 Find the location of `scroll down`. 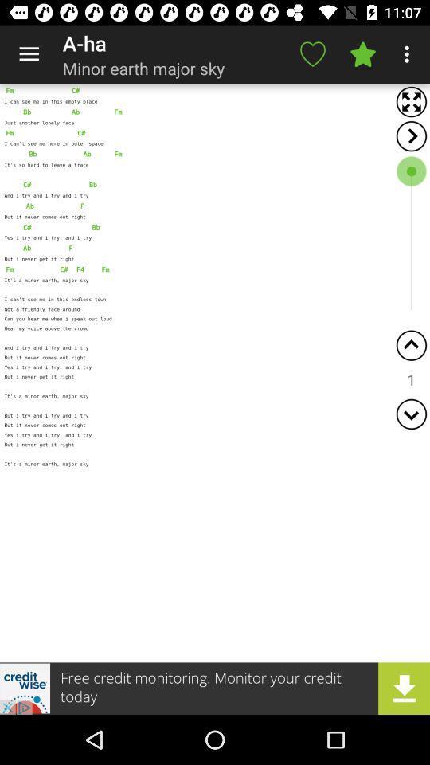

scroll down is located at coordinates (411, 413).